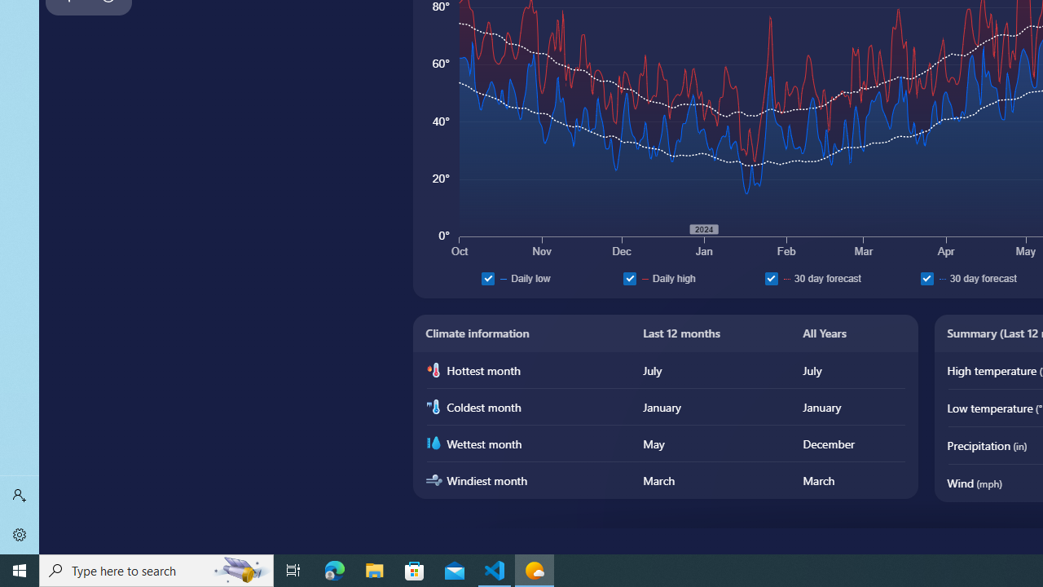  What do you see at coordinates (374, 569) in the screenshot?
I see `'File Explorer'` at bounding box center [374, 569].